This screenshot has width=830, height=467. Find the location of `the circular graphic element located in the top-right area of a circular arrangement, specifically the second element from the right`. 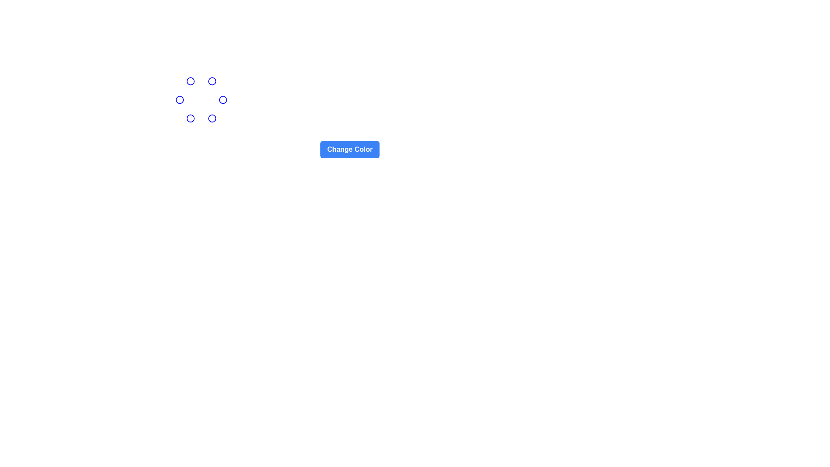

the circular graphic element located in the top-right area of a circular arrangement, specifically the second element from the right is located at coordinates (223, 99).